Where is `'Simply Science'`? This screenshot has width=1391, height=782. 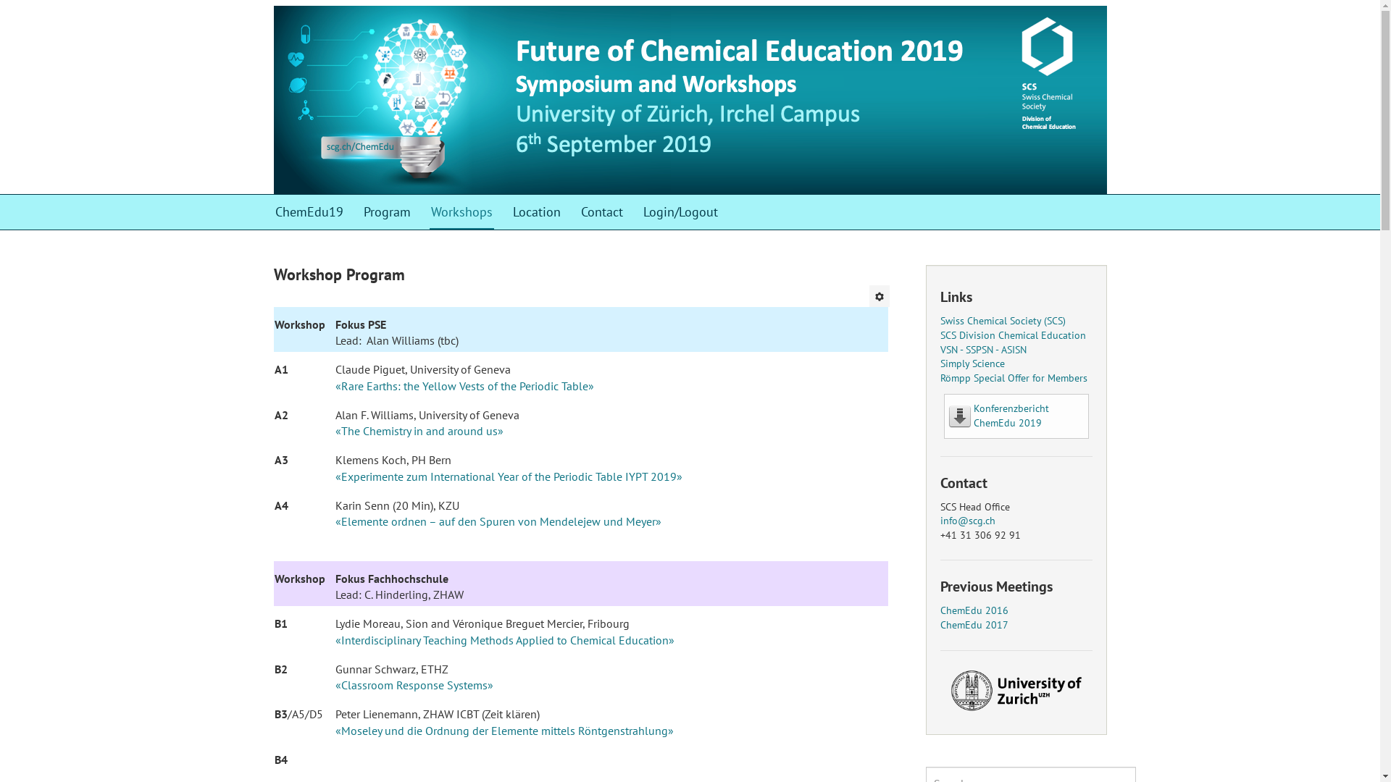 'Simply Science' is located at coordinates (972, 362).